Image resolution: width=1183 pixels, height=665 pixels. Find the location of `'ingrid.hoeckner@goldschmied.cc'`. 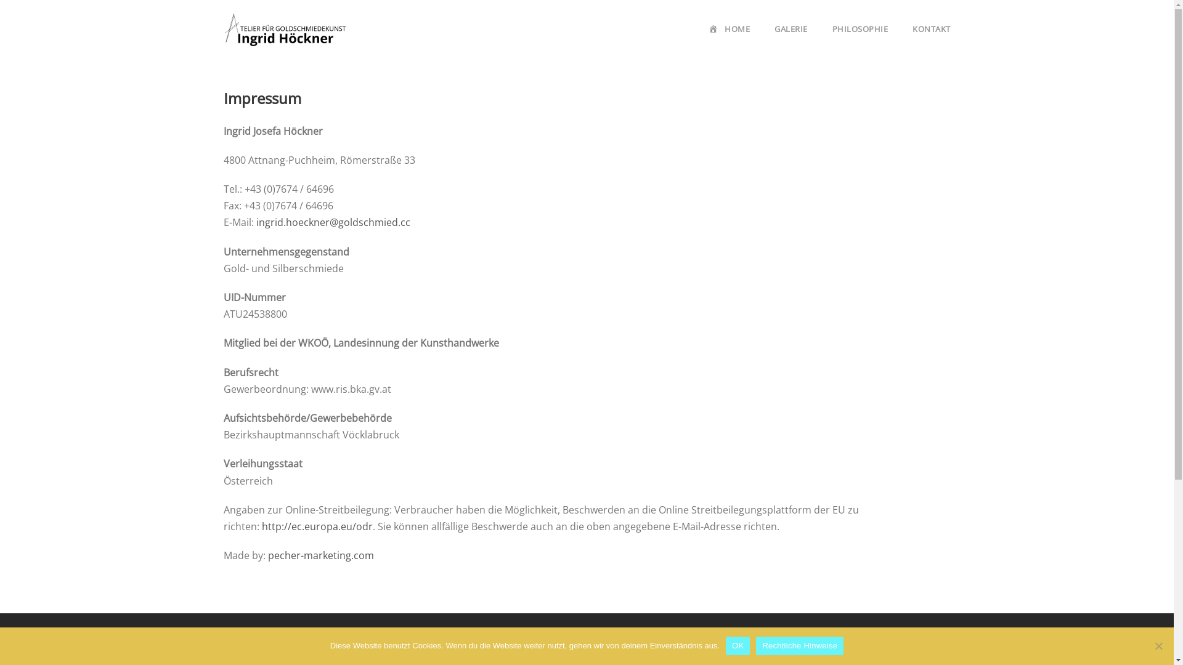

'ingrid.hoeckner@goldschmied.cc' is located at coordinates (256, 222).